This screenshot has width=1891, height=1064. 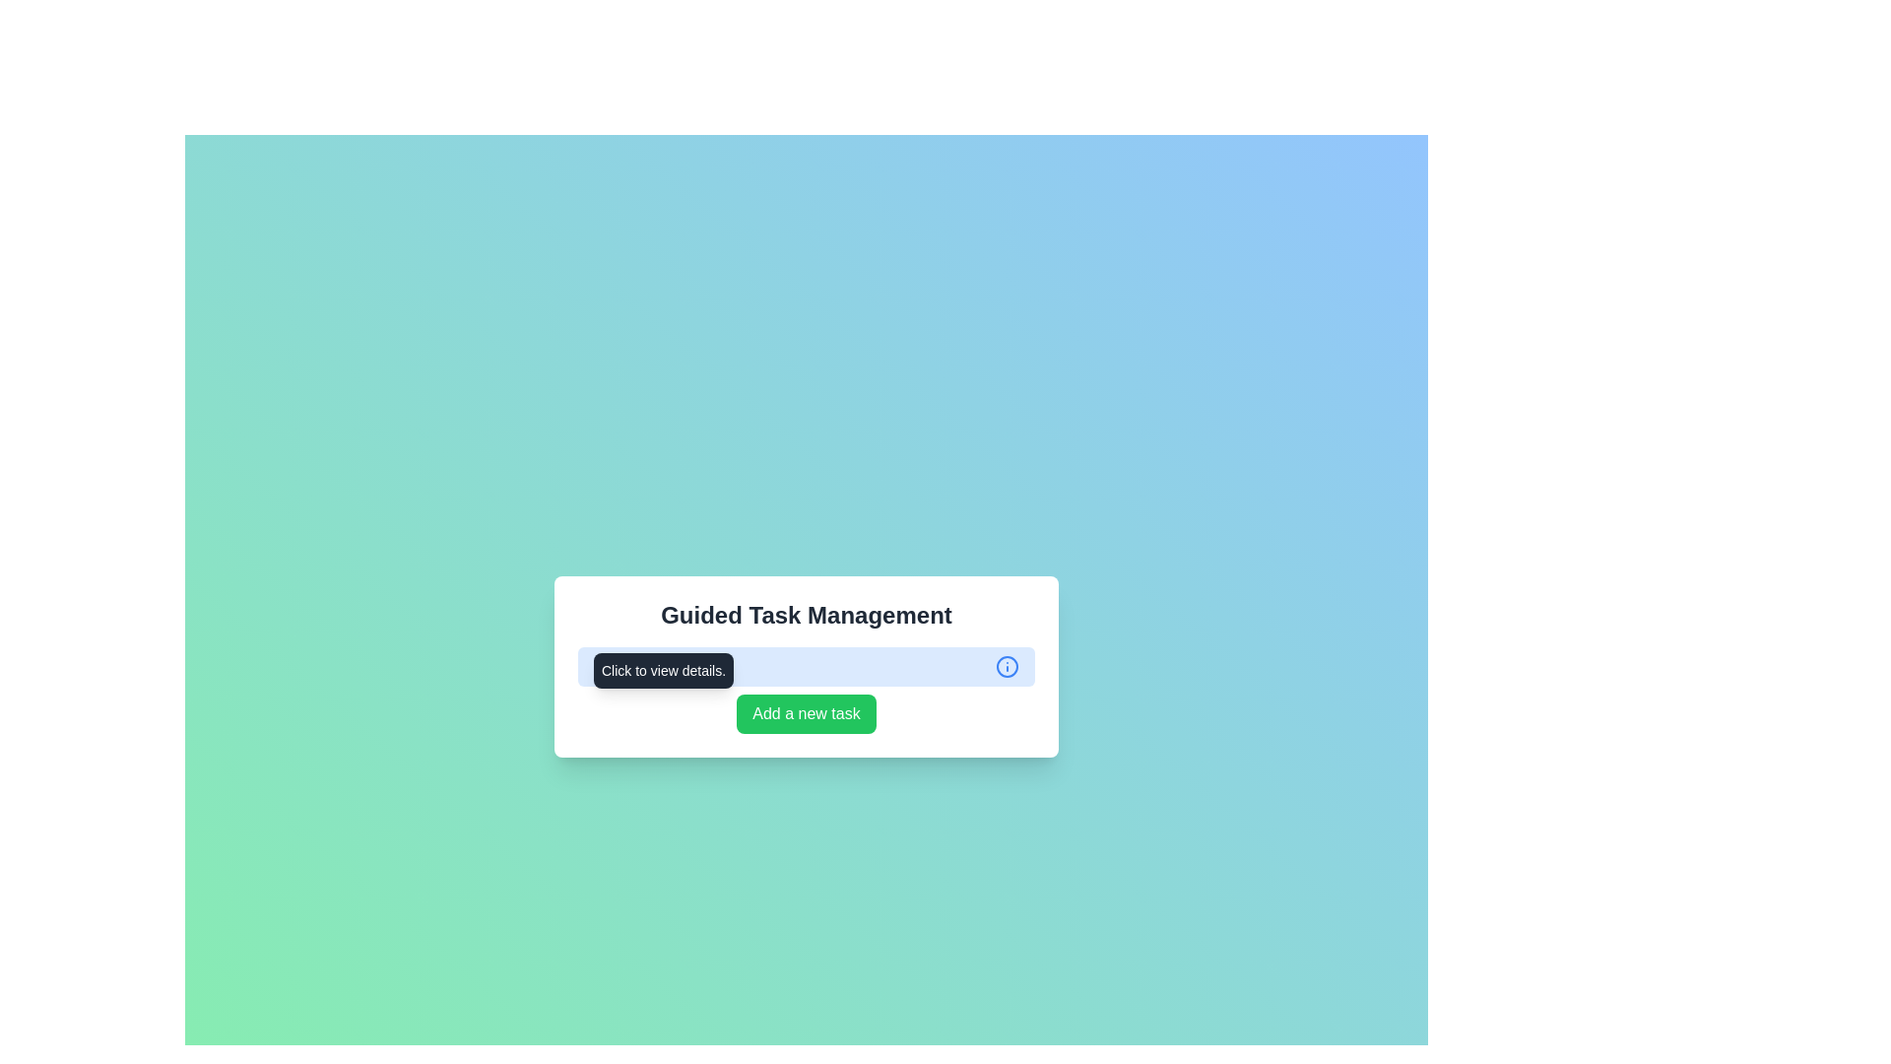 What do you see at coordinates (664, 670) in the screenshot?
I see `the tooltip element with dark gray background and white text saying 'Click` at bounding box center [664, 670].